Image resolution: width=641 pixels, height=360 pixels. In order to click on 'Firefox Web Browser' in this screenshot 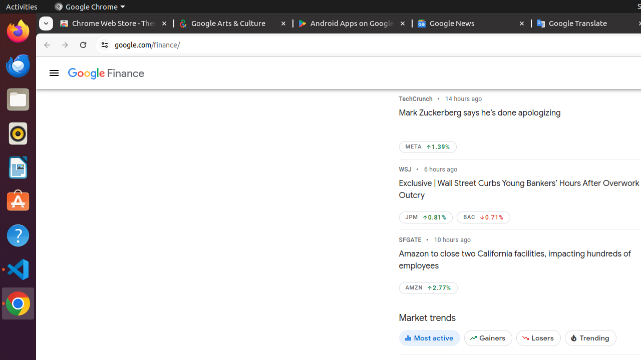, I will do `click(18, 30)`.